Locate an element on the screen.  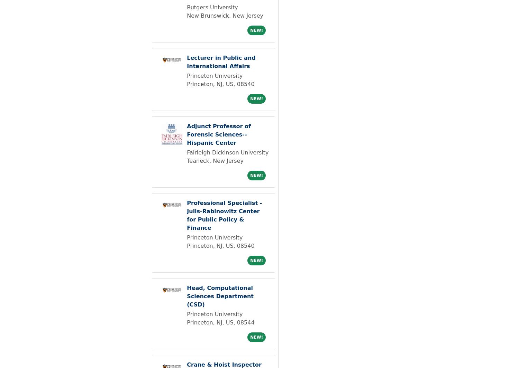
'Fairleigh Dickinson University' is located at coordinates (228, 152).